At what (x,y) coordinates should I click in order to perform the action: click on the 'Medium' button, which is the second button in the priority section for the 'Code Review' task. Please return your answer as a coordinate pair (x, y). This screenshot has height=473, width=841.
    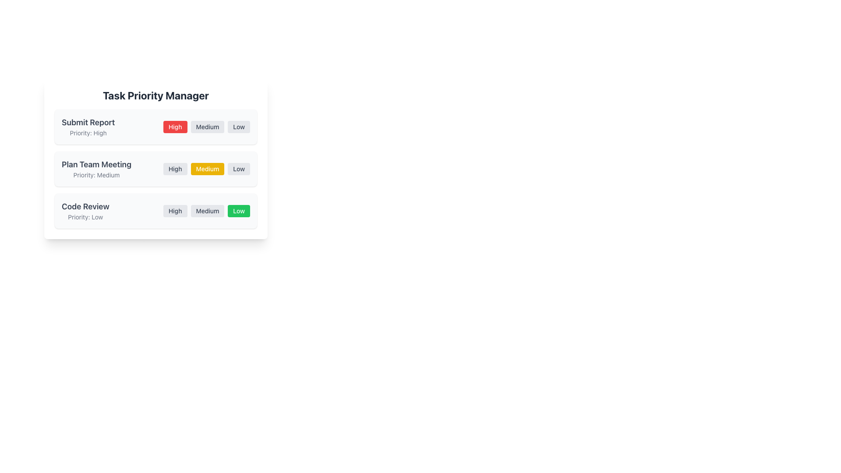
    Looking at the image, I should click on (207, 211).